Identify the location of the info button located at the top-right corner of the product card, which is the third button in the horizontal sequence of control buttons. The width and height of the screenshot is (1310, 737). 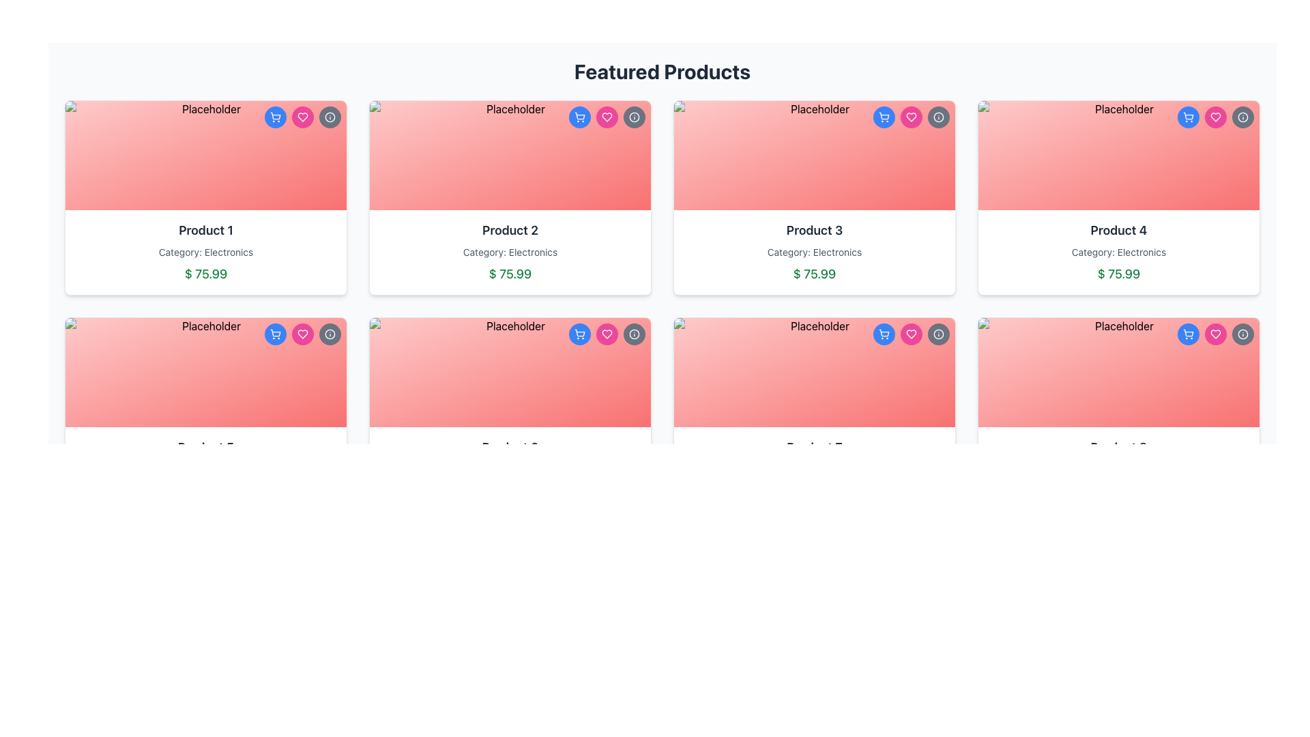
(330, 334).